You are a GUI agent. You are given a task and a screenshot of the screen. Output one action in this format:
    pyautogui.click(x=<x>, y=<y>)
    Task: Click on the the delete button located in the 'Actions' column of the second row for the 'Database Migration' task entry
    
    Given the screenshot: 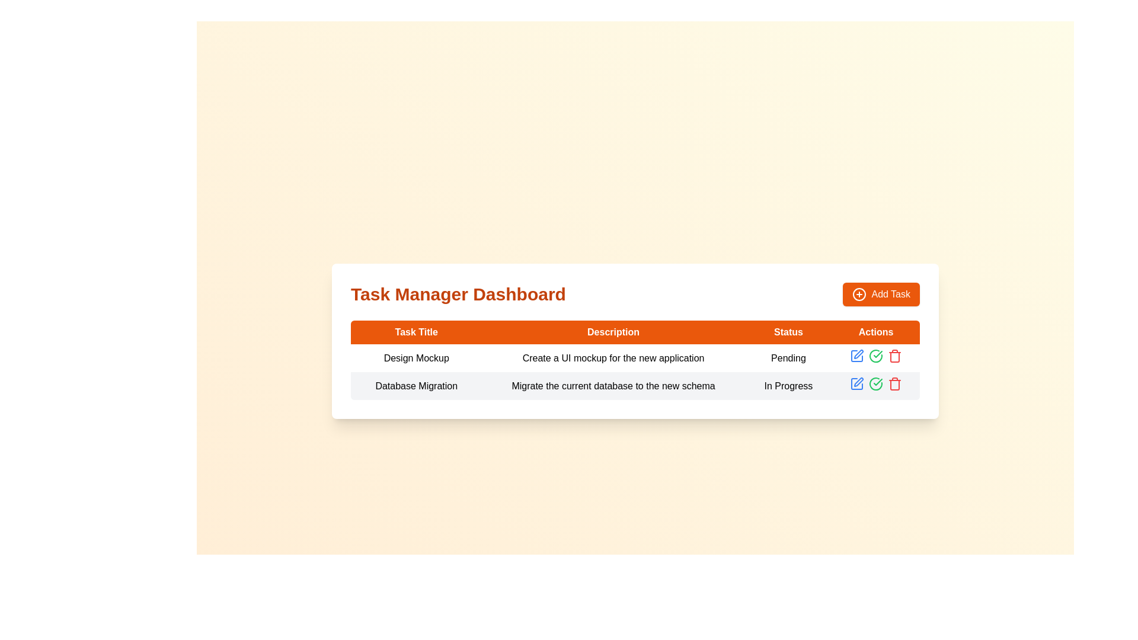 What is the action you would take?
    pyautogui.click(x=895, y=384)
    